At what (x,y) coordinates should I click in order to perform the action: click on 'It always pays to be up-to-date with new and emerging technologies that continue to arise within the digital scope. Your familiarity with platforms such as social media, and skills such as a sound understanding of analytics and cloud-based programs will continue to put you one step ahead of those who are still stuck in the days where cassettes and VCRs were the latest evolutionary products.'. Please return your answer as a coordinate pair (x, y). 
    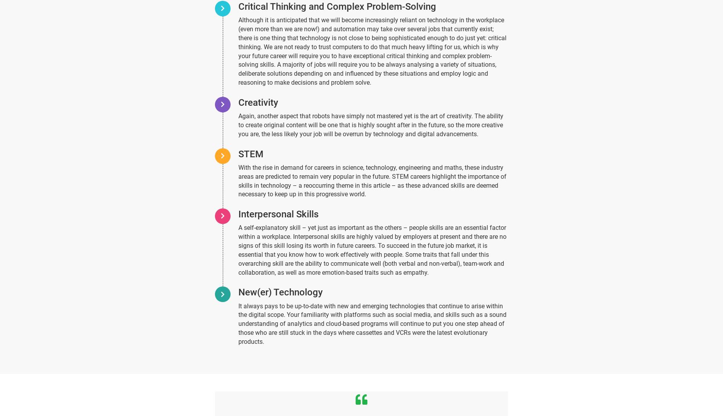
    Looking at the image, I should click on (372, 324).